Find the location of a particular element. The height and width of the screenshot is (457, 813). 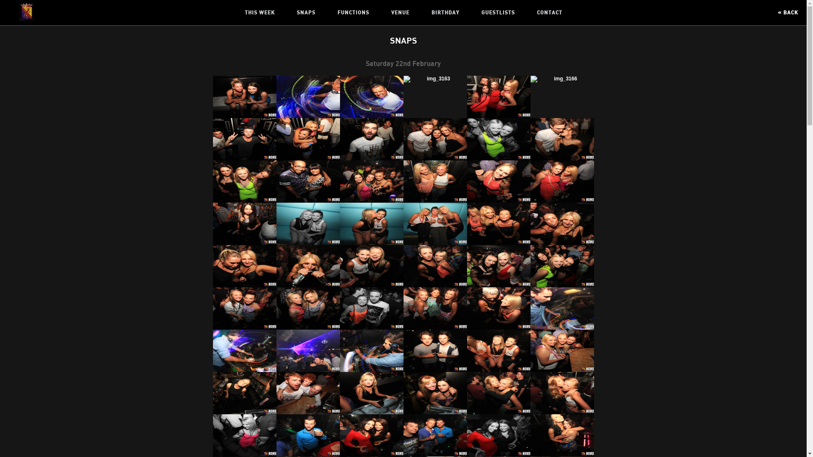

' ' is located at coordinates (498, 223).